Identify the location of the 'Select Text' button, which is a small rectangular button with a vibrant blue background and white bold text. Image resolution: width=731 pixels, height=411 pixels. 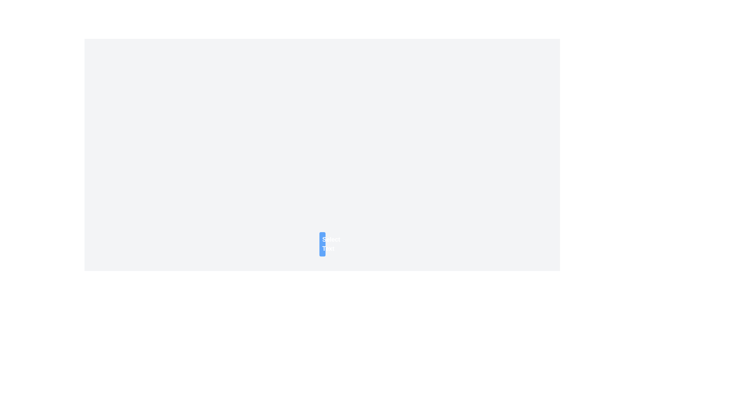
(322, 244).